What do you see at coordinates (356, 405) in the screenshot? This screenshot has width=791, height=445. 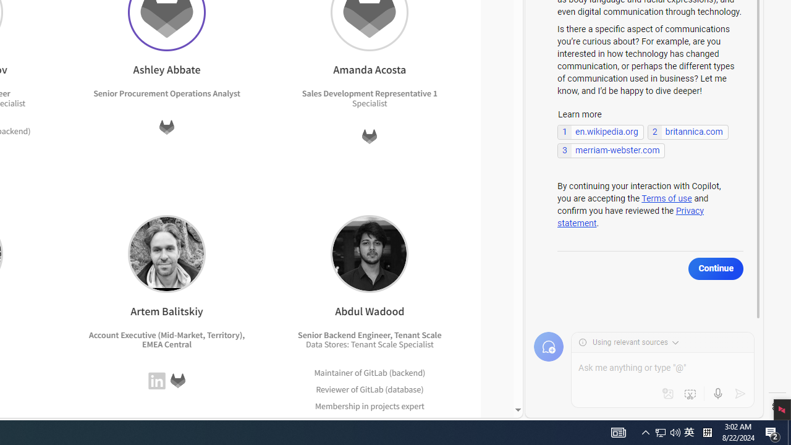 I see `'Membership in projects'` at bounding box center [356, 405].